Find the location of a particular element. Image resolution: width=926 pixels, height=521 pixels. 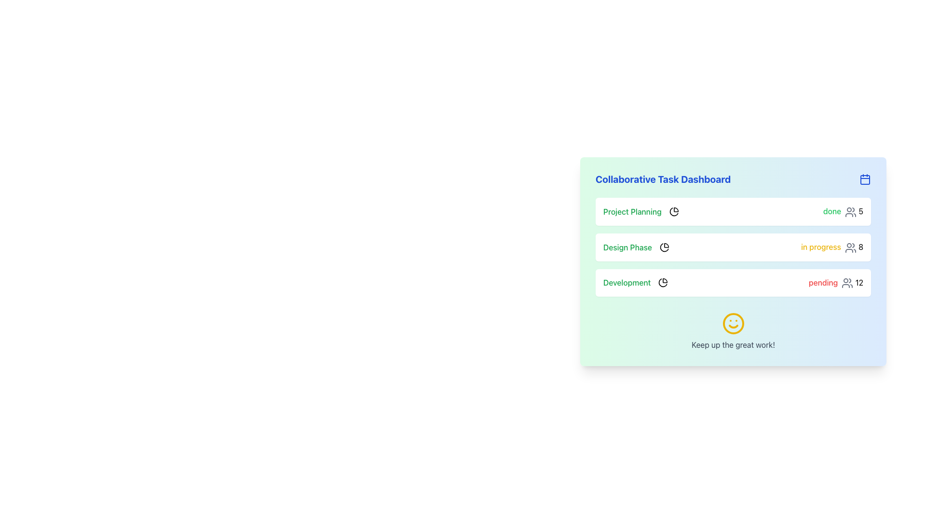

the static text label that indicates the name or title of a task or phase in the dashboard, which is the third item in a vertically arranged list is located at coordinates (627, 282).